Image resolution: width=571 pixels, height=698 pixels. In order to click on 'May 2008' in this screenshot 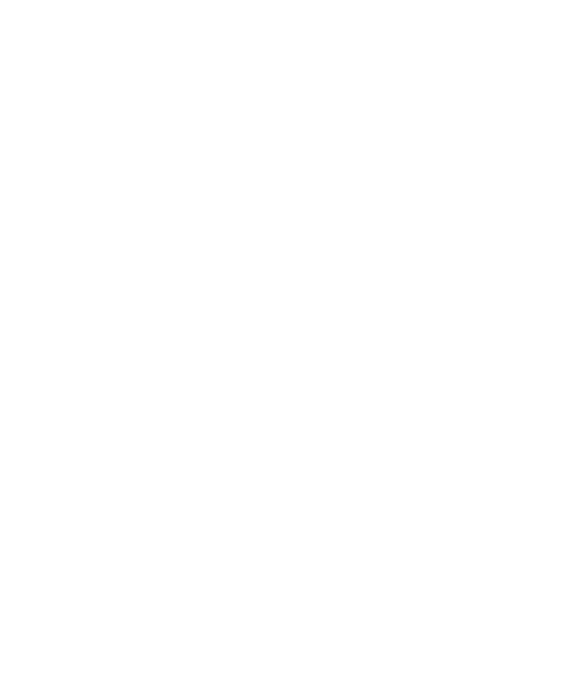, I will do `click(83, 612)`.